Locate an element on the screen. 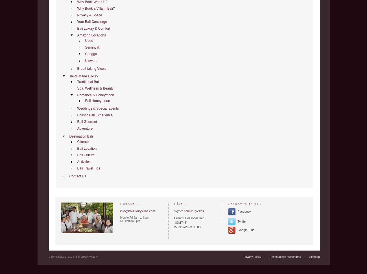 Image resolution: width=367 pixels, height=274 pixels. 'Copyright 2011 - 2023 | Bali Luxury Villas™' is located at coordinates (73, 256).